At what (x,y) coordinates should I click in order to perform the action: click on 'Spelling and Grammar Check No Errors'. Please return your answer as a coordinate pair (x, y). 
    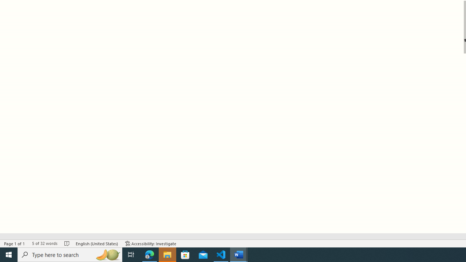
    Looking at the image, I should click on (67, 243).